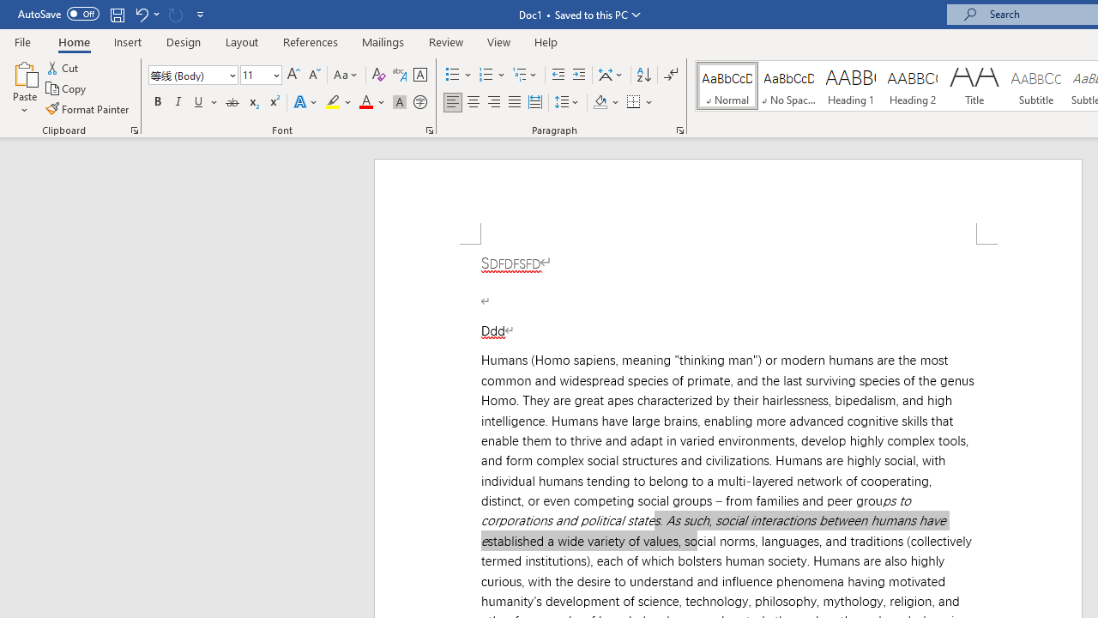 This screenshot has width=1098, height=618. I want to click on 'Font Size', so click(260, 74).